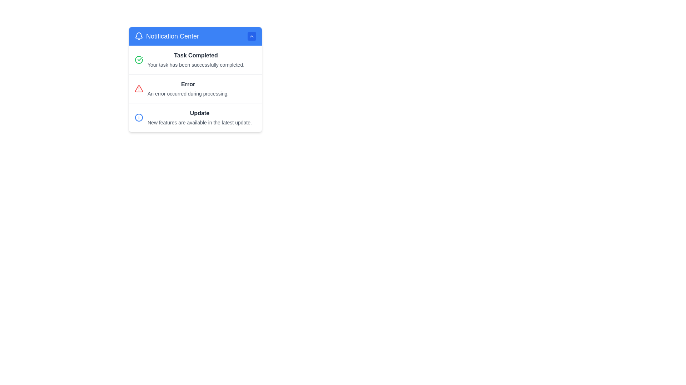 Image resolution: width=686 pixels, height=385 pixels. What do you see at coordinates (195, 110) in the screenshot?
I see `an individual notification within the Notification Panel` at bounding box center [195, 110].